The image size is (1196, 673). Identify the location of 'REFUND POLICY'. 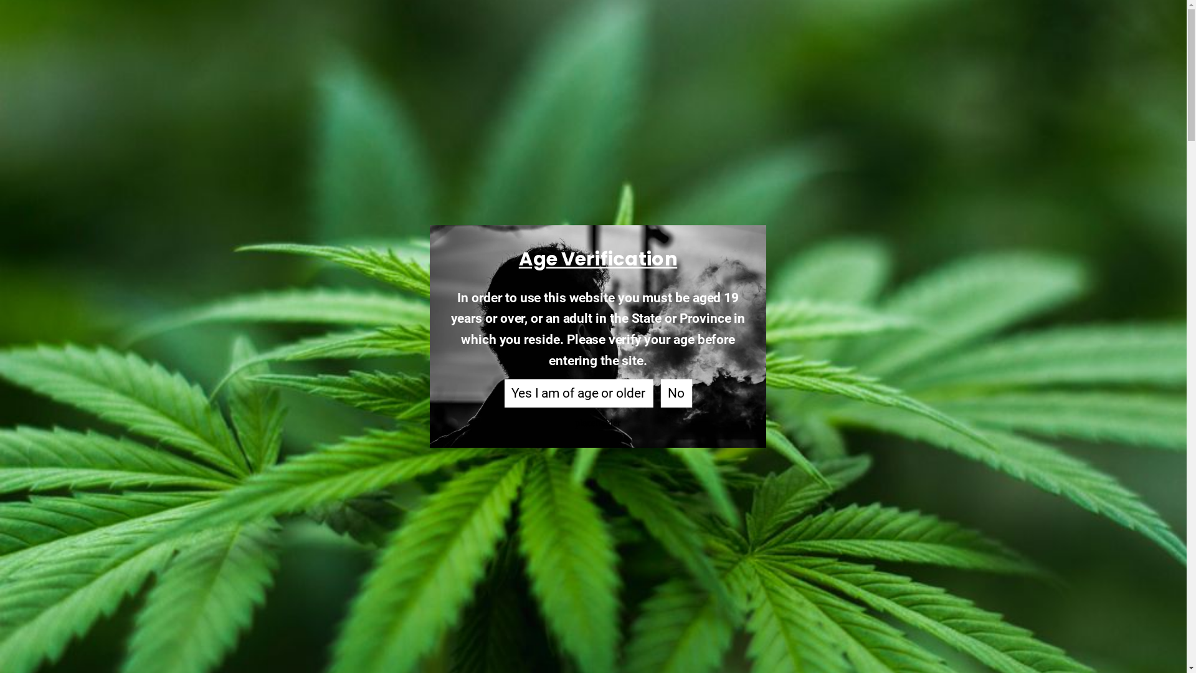
(306, 541).